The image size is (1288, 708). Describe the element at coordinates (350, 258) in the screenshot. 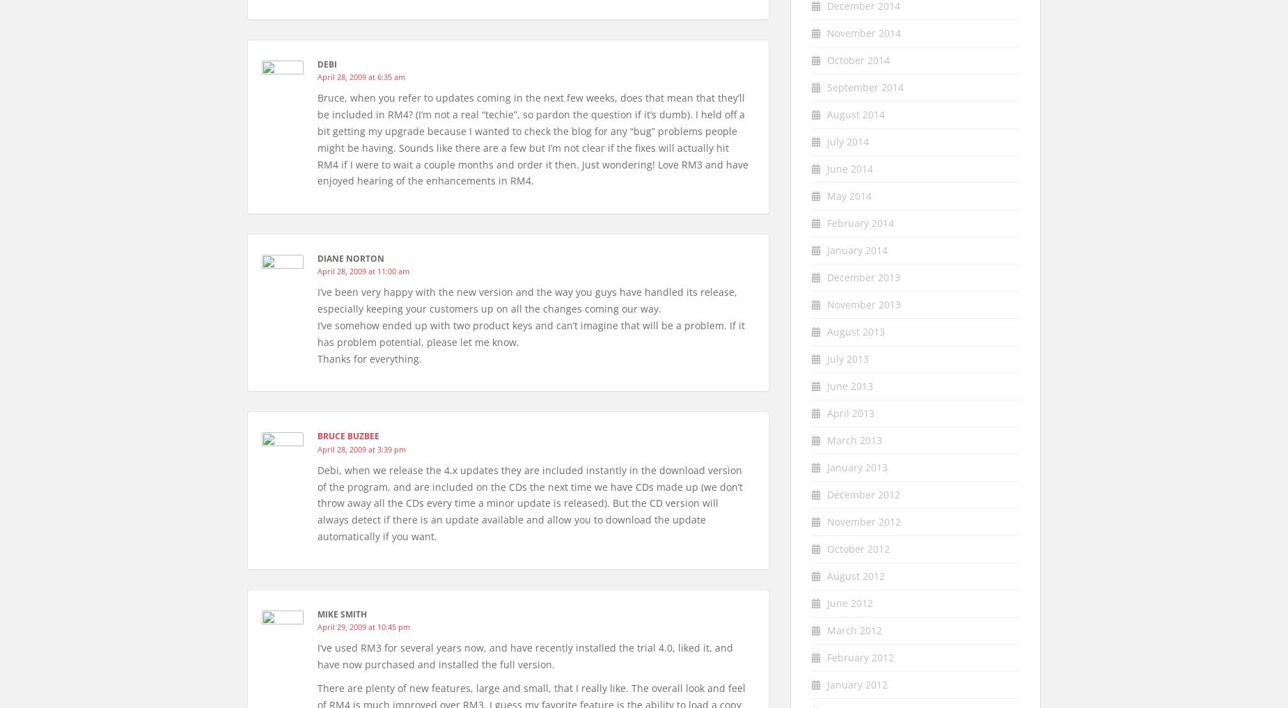

I see `'Diane Norton'` at that location.